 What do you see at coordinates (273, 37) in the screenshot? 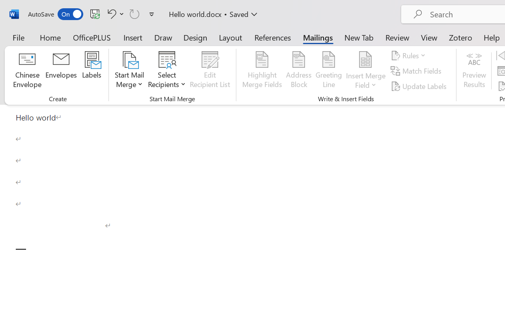
I see `'References'` at bounding box center [273, 37].